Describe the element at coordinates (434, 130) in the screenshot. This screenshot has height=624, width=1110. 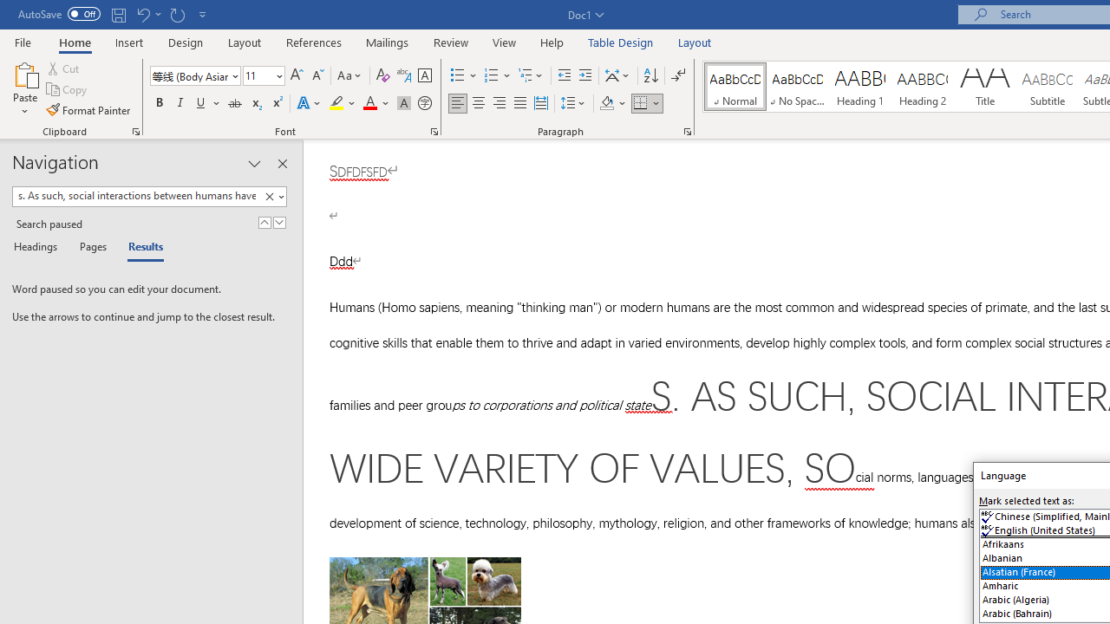
I see `'Font...'` at that location.